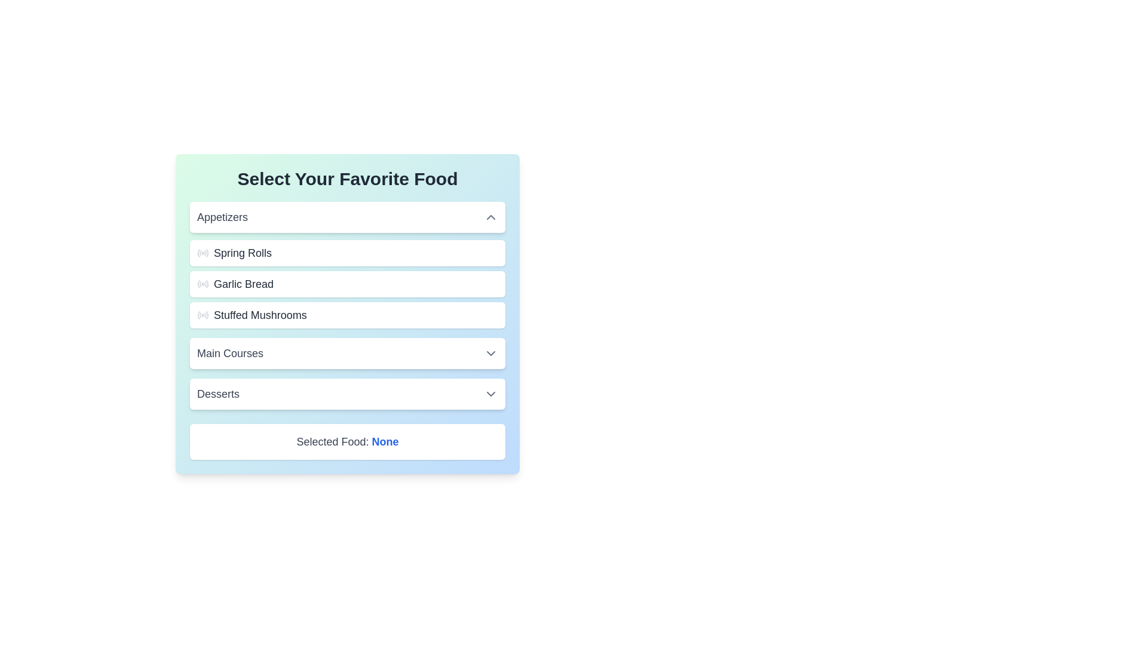 The height and width of the screenshot is (645, 1147). What do you see at coordinates (203, 315) in the screenshot?
I see `the unselected radio button for the item 'Stuffed Mushrooms'` at bounding box center [203, 315].